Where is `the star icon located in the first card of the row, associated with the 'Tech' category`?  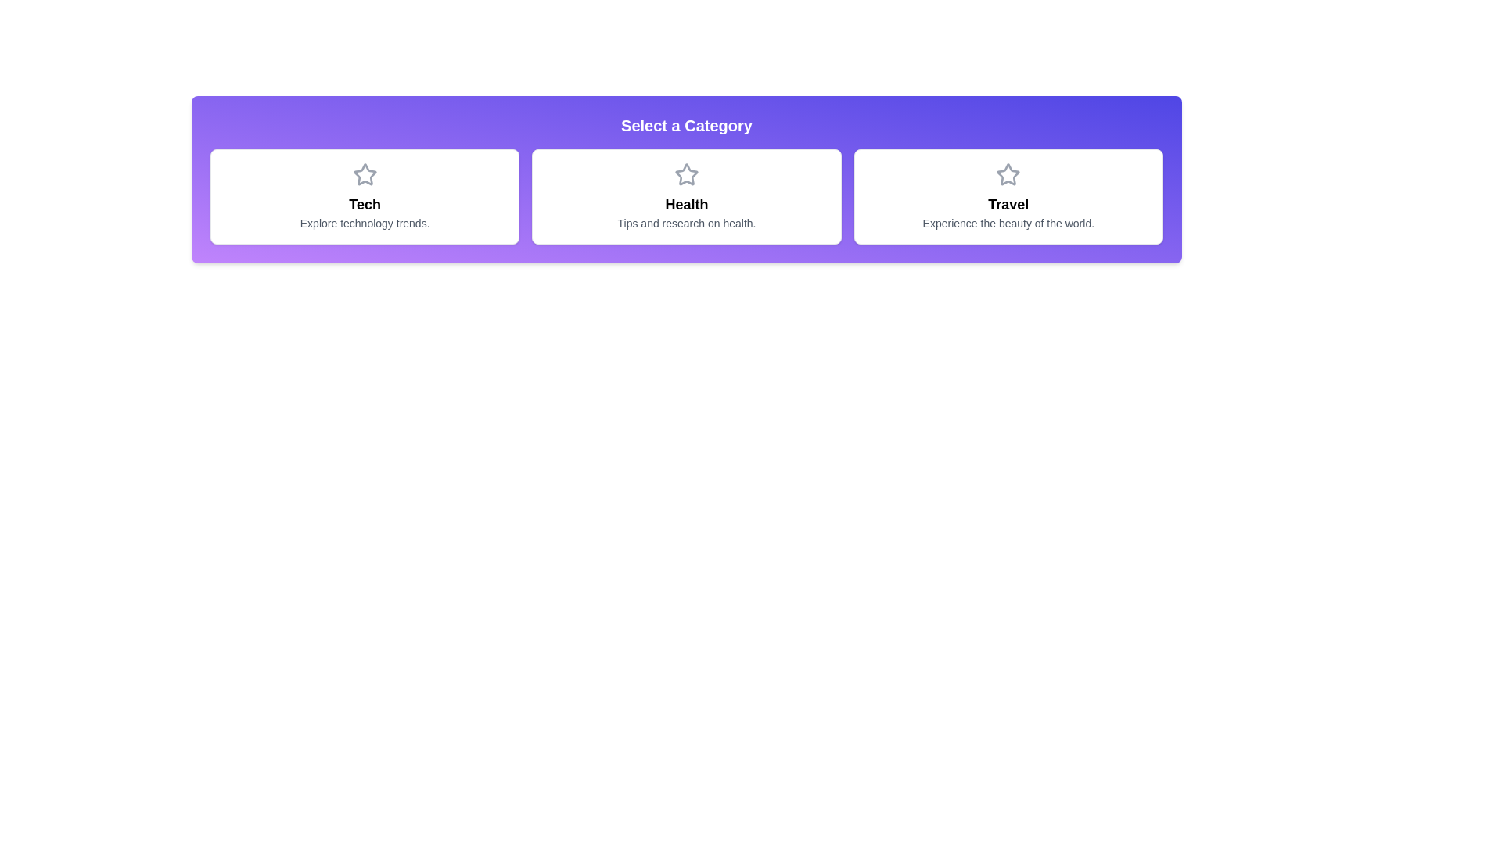 the star icon located in the first card of the row, associated with the 'Tech' category is located at coordinates (364, 174).